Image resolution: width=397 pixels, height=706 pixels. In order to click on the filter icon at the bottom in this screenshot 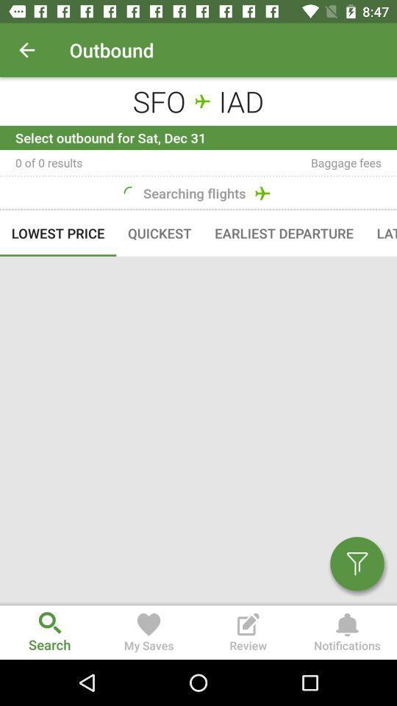, I will do `click(350, 568)`.